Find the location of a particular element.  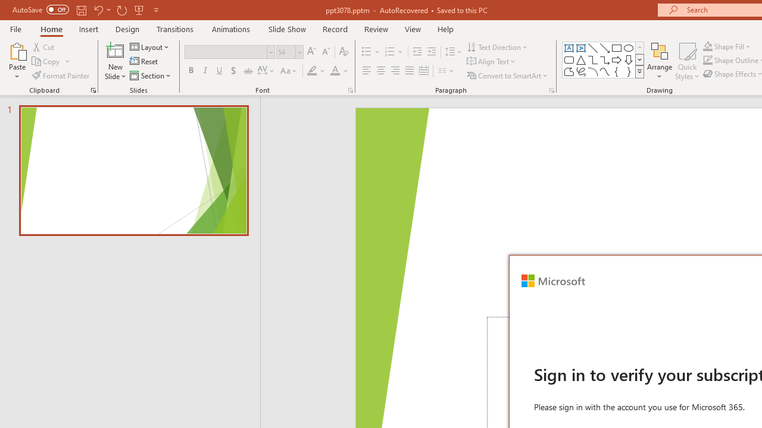

'Justify' is located at coordinates (410, 71).